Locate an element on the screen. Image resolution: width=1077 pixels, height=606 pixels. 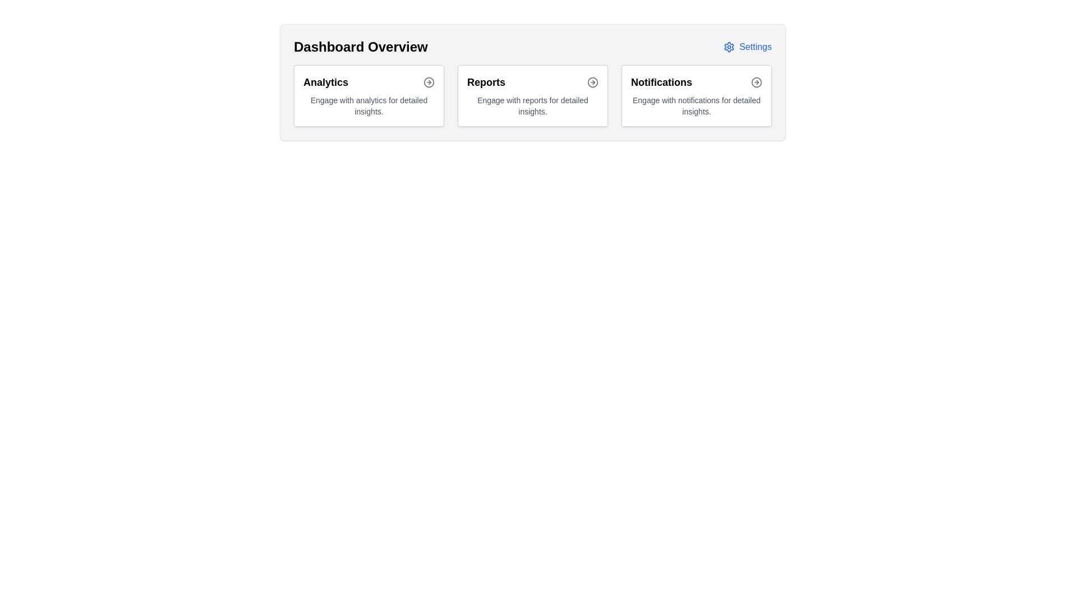
the small circular gray arrow icon located at the top right corner of the 'Reports' card is located at coordinates (592, 81).